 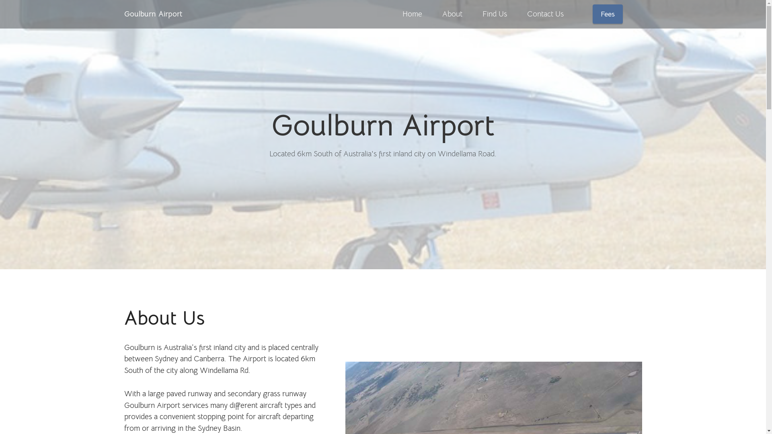 I want to click on 'Goulburn Airport', so click(x=153, y=14).